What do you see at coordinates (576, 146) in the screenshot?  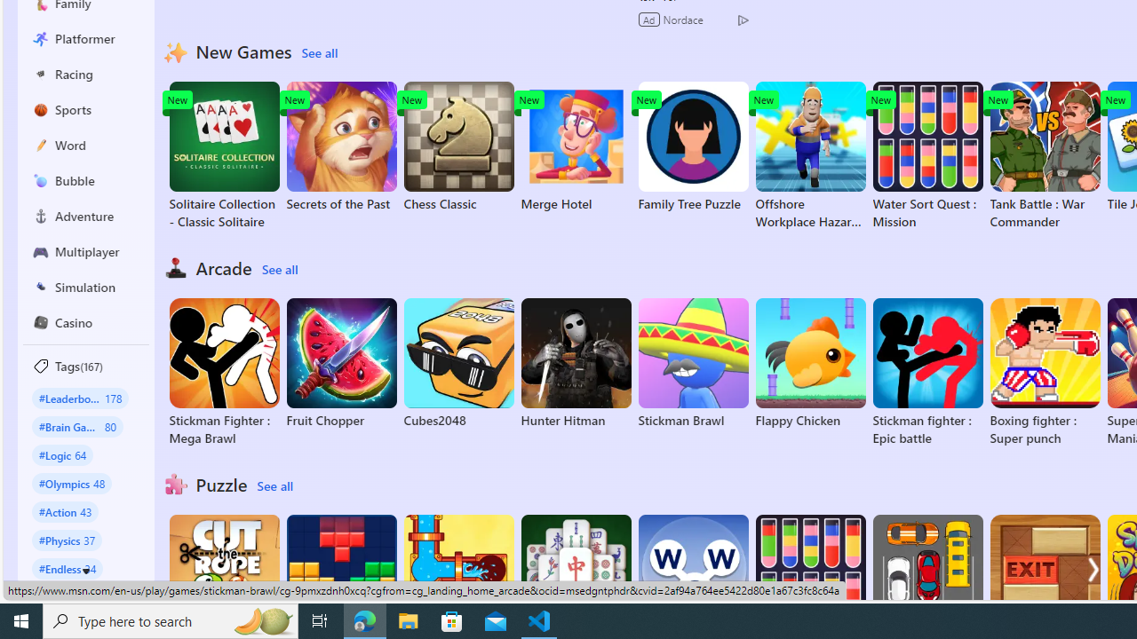 I see `'Merge Hotel'` at bounding box center [576, 146].